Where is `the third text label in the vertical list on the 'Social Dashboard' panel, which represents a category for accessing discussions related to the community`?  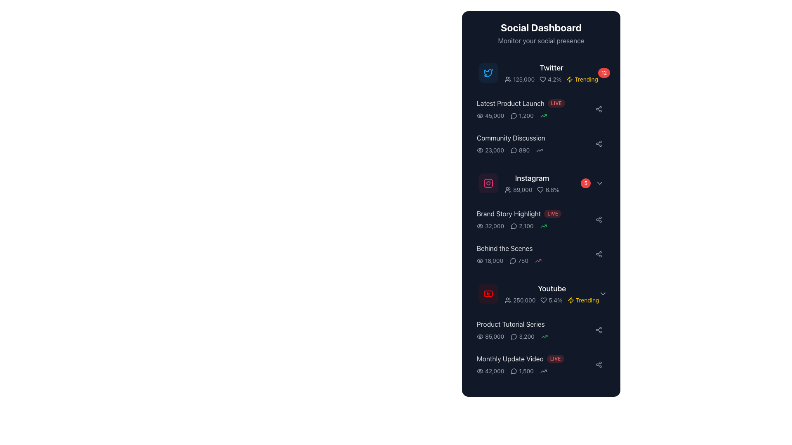
the third text label in the vertical list on the 'Social Dashboard' panel, which represents a category for accessing discussions related to the community is located at coordinates (535, 138).